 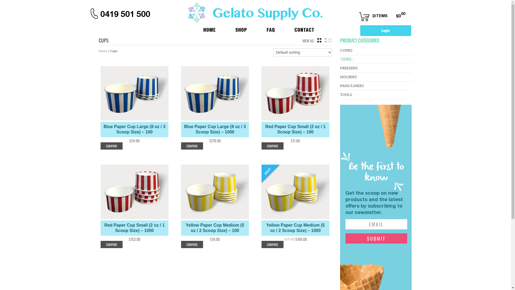 What do you see at coordinates (252, 29) in the screenshot?
I see `'FAQ'` at bounding box center [252, 29].